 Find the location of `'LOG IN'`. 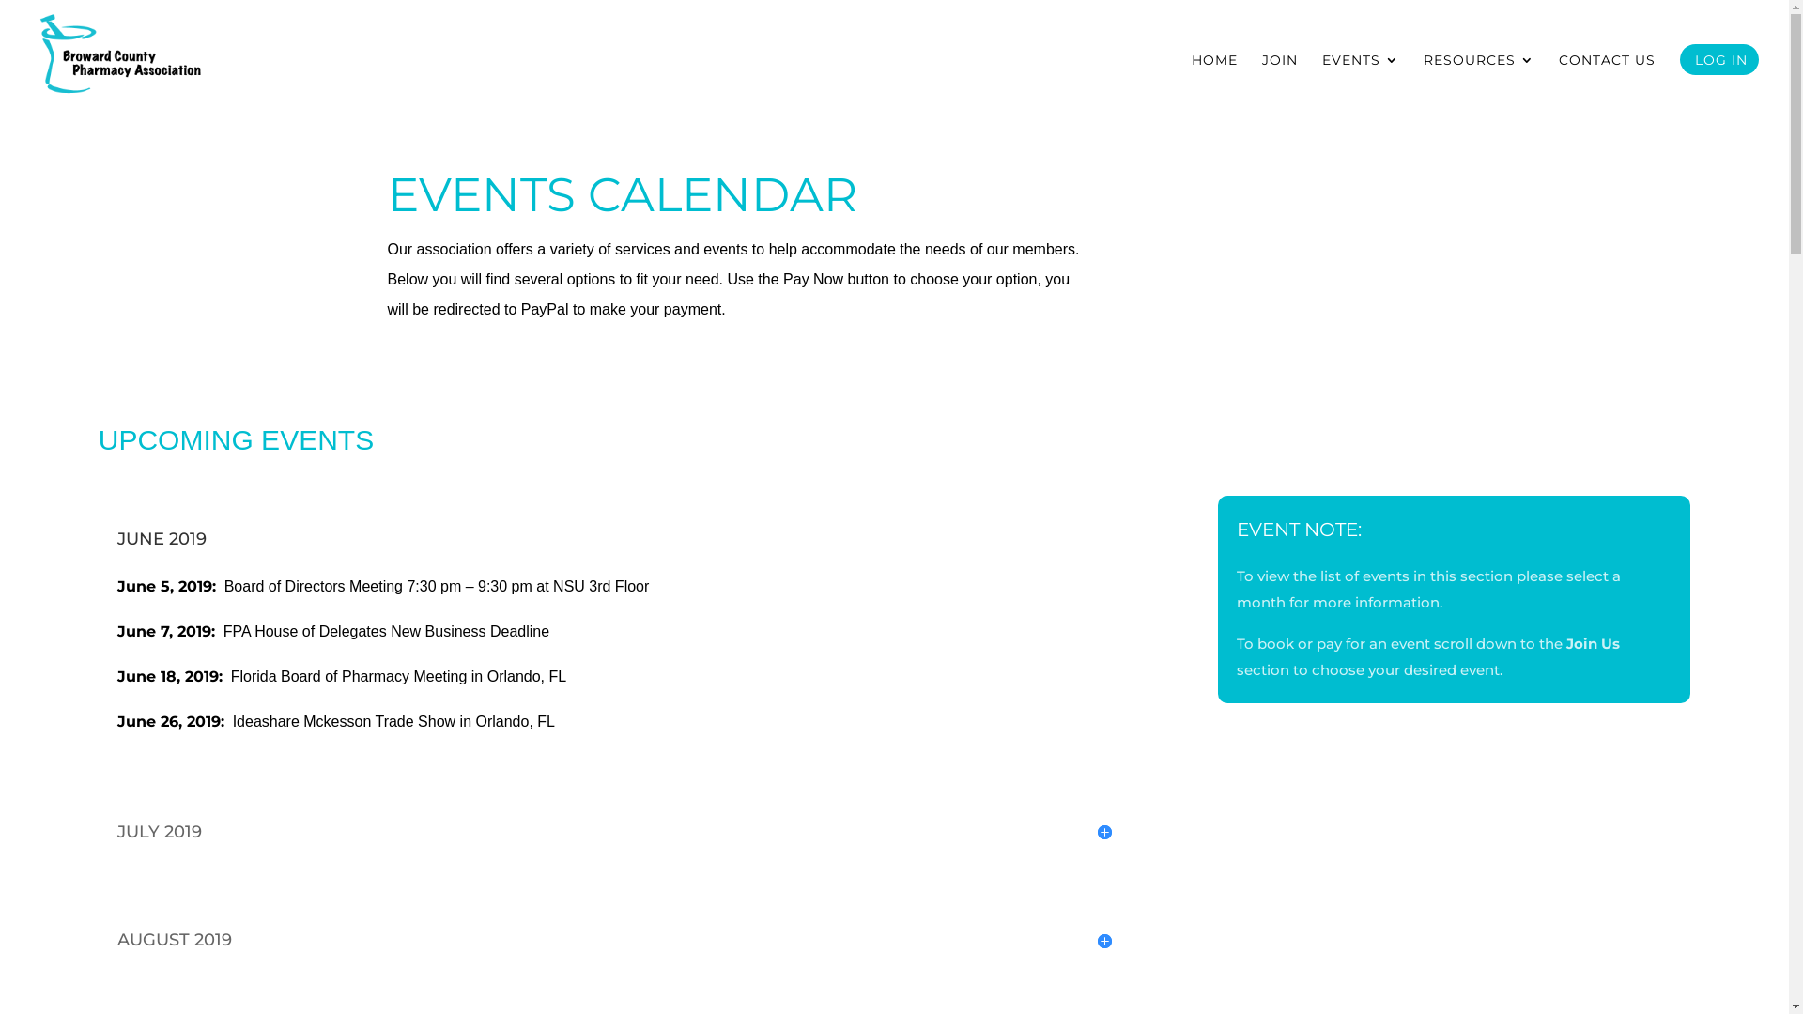

'LOG IN' is located at coordinates (1721, 81).